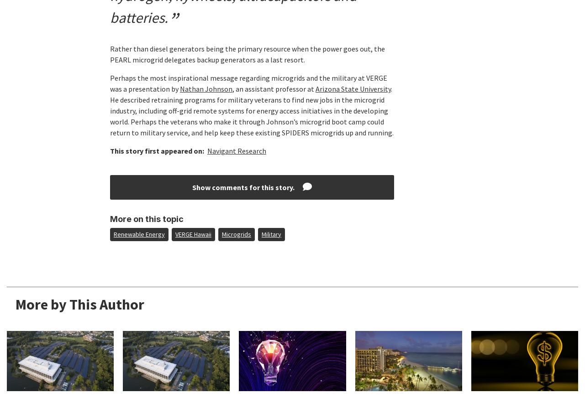 This screenshot has width=585, height=408. I want to click on 'More by This Author', so click(79, 304).